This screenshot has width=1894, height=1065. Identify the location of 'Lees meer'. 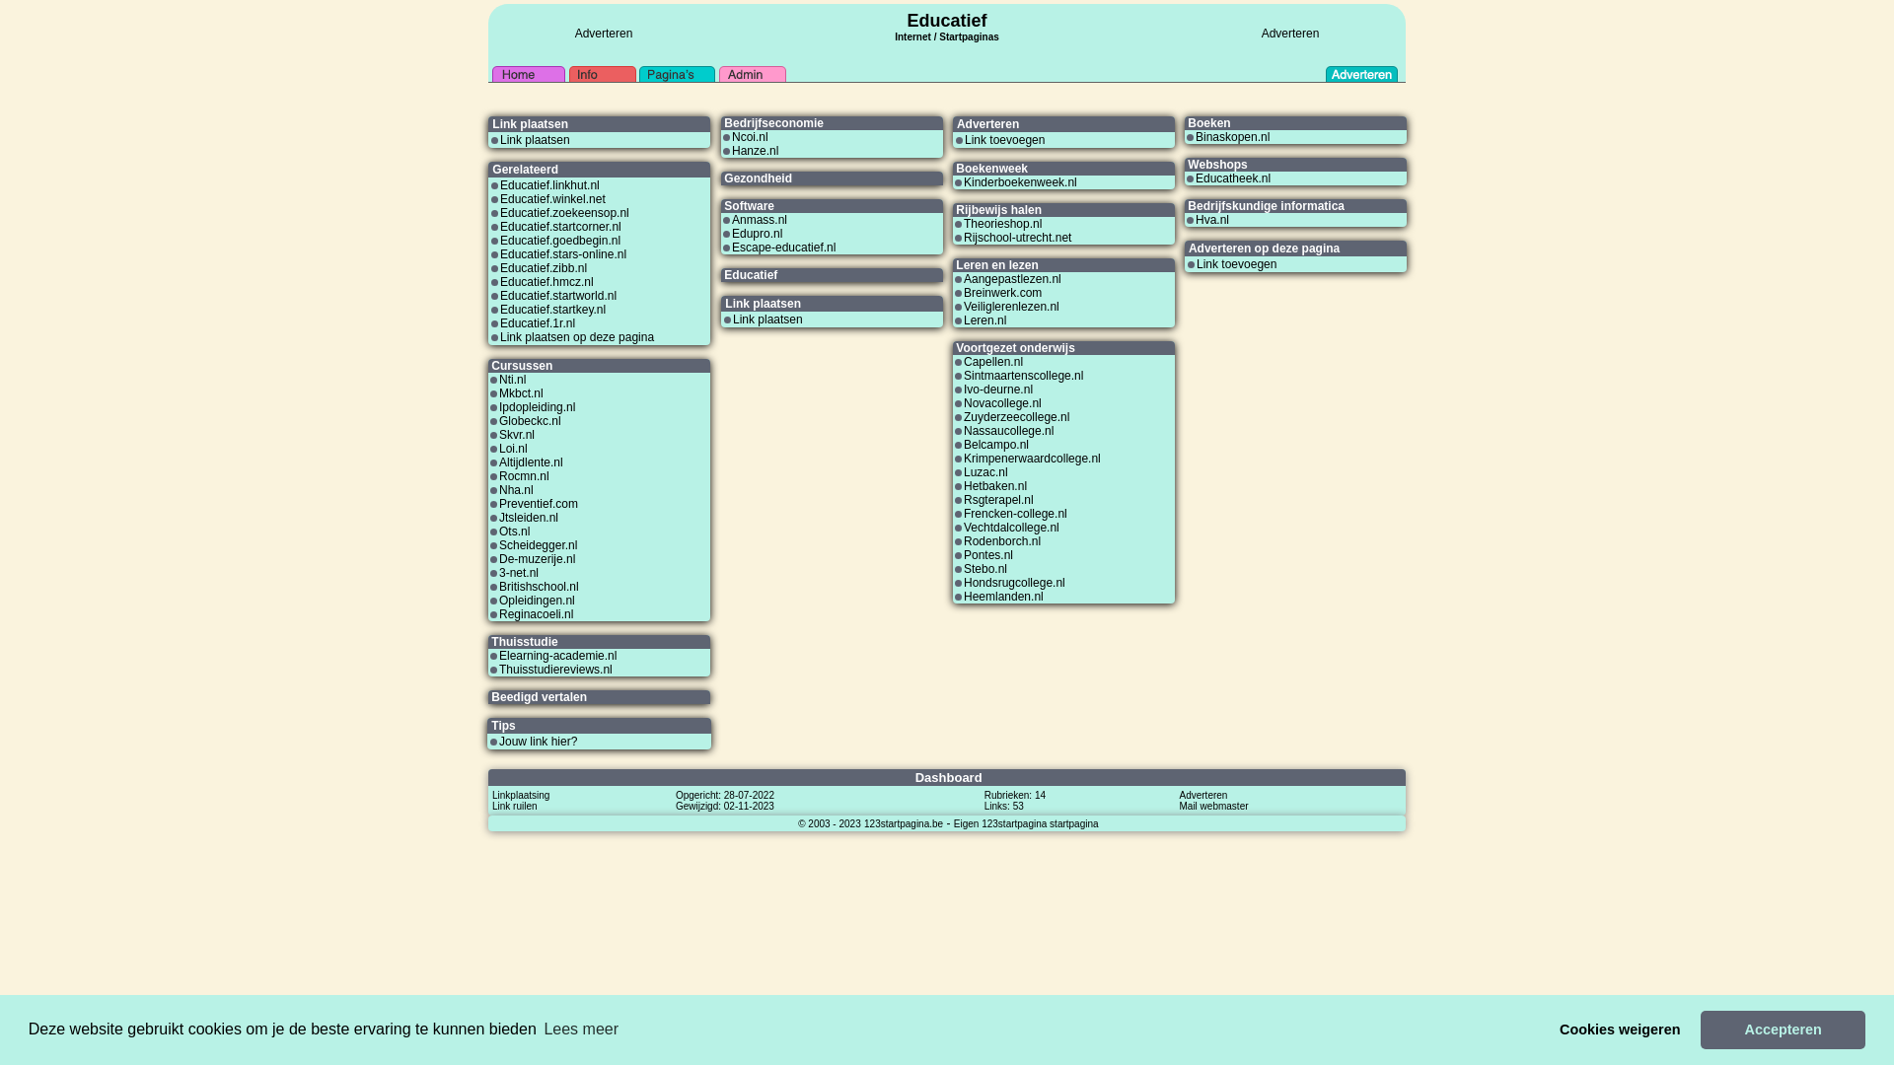
(580, 1029).